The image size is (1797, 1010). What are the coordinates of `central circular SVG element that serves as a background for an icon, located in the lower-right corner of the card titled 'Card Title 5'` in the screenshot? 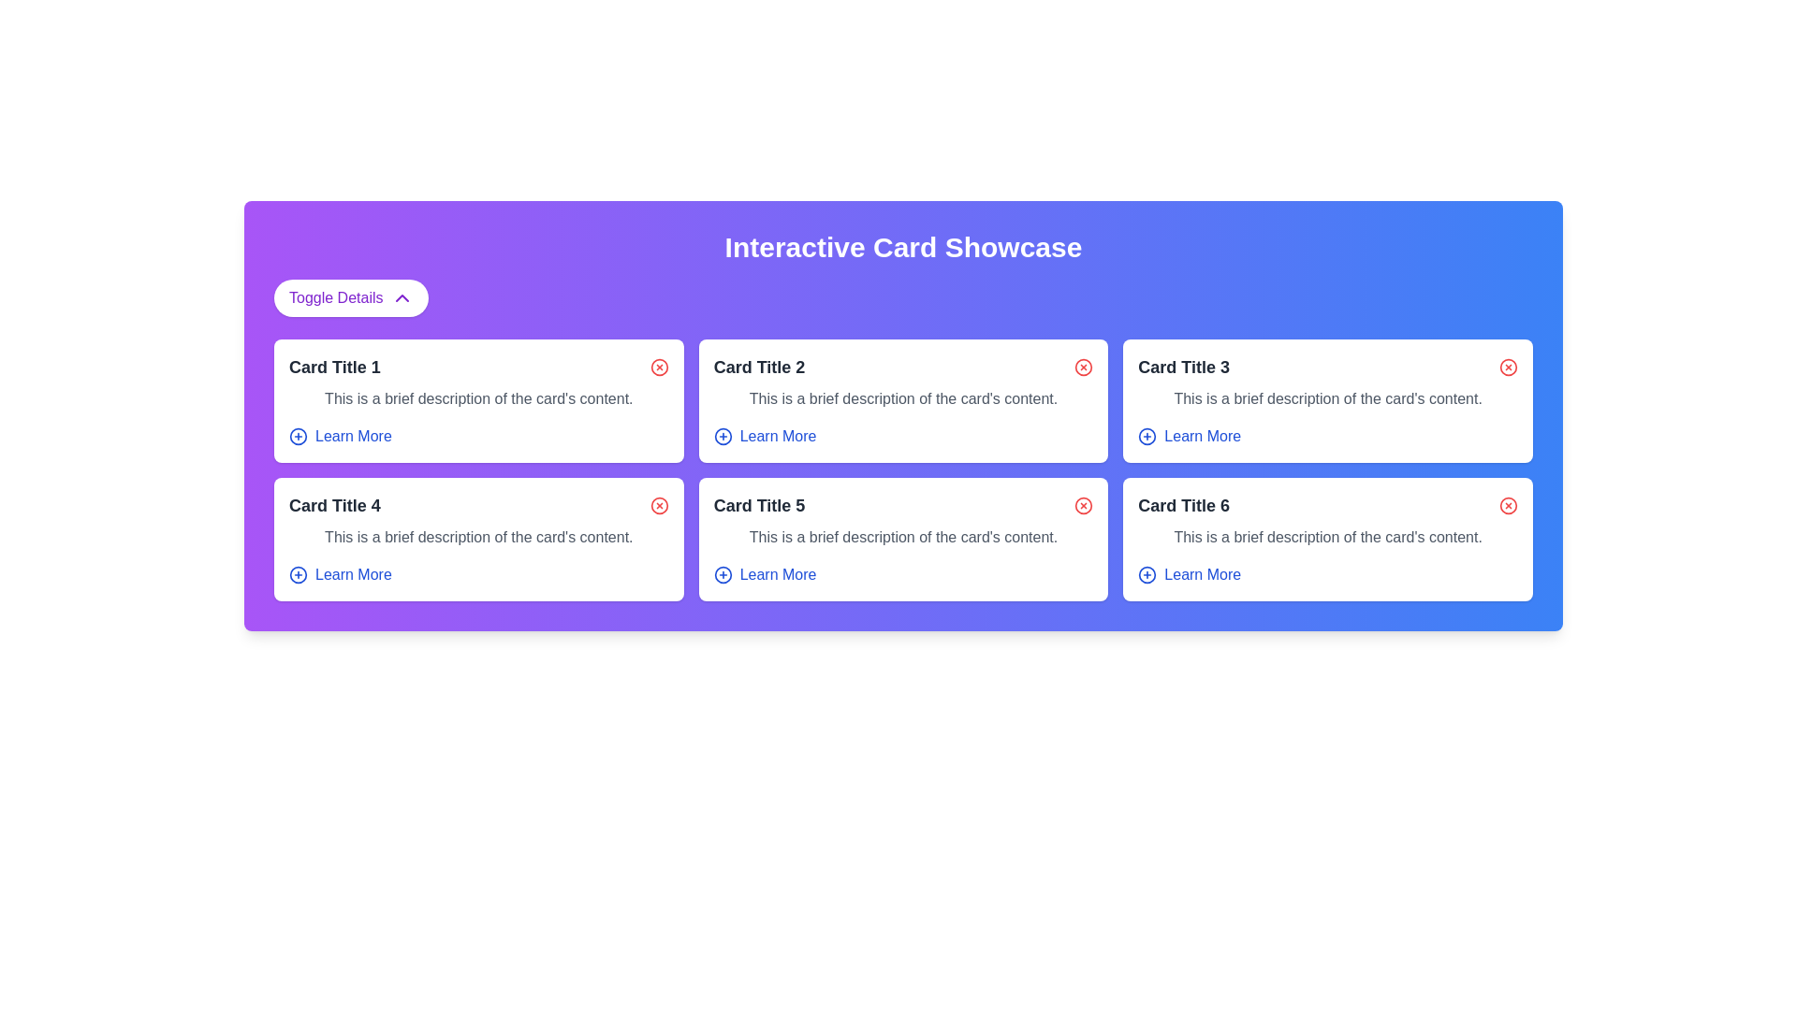 It's located at (722, 573).